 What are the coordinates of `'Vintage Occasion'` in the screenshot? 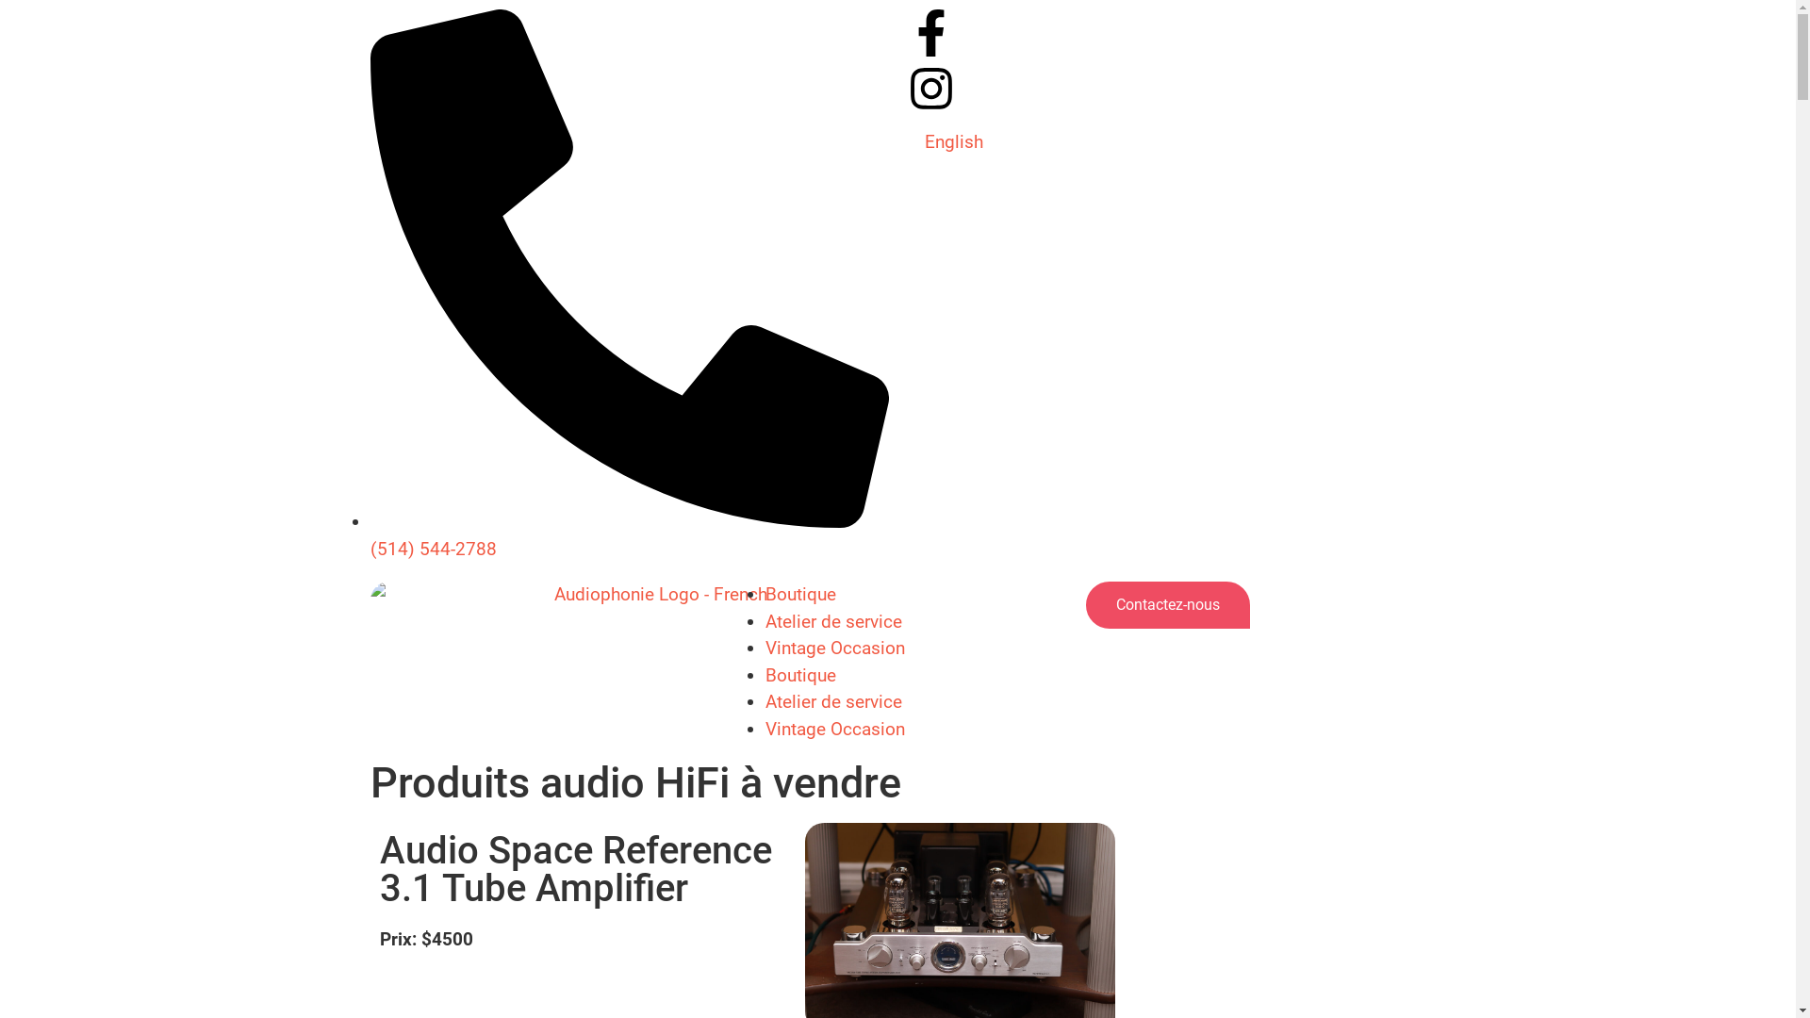 It's located at (834, 647).